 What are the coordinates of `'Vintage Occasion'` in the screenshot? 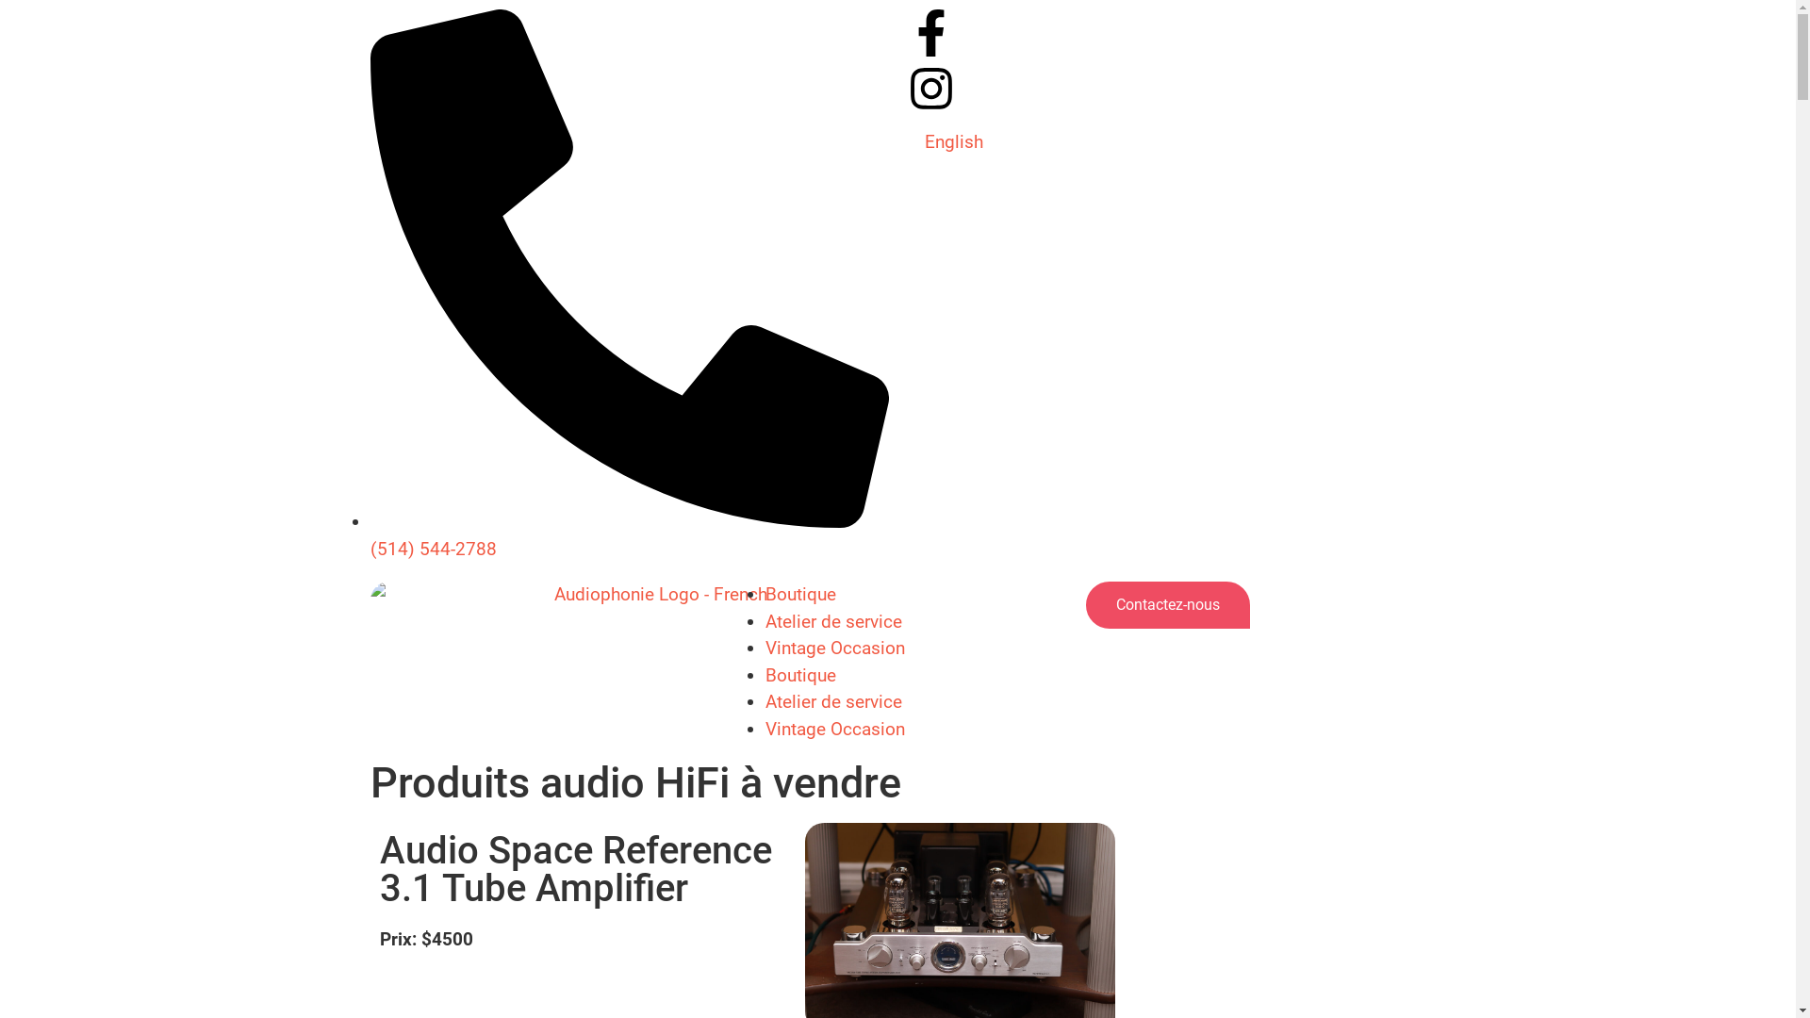 It's located at (834, 647).